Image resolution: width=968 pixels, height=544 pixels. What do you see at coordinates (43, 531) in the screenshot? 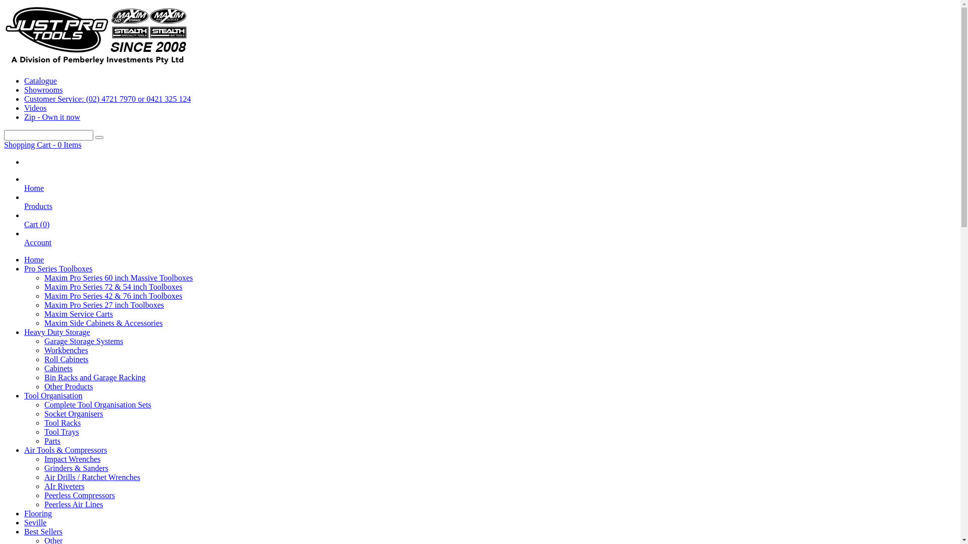
I see `'Best Sellers'` at bounding box center [43, 531].